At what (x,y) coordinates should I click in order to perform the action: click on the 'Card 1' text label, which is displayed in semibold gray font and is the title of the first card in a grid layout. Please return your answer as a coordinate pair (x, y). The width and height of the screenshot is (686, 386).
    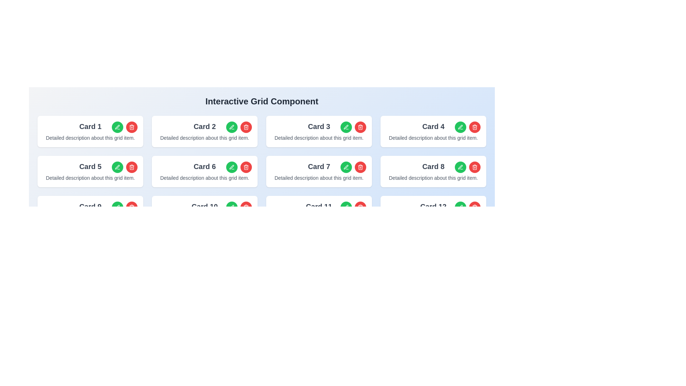
    Looking at the image, I should click on (90, 126).